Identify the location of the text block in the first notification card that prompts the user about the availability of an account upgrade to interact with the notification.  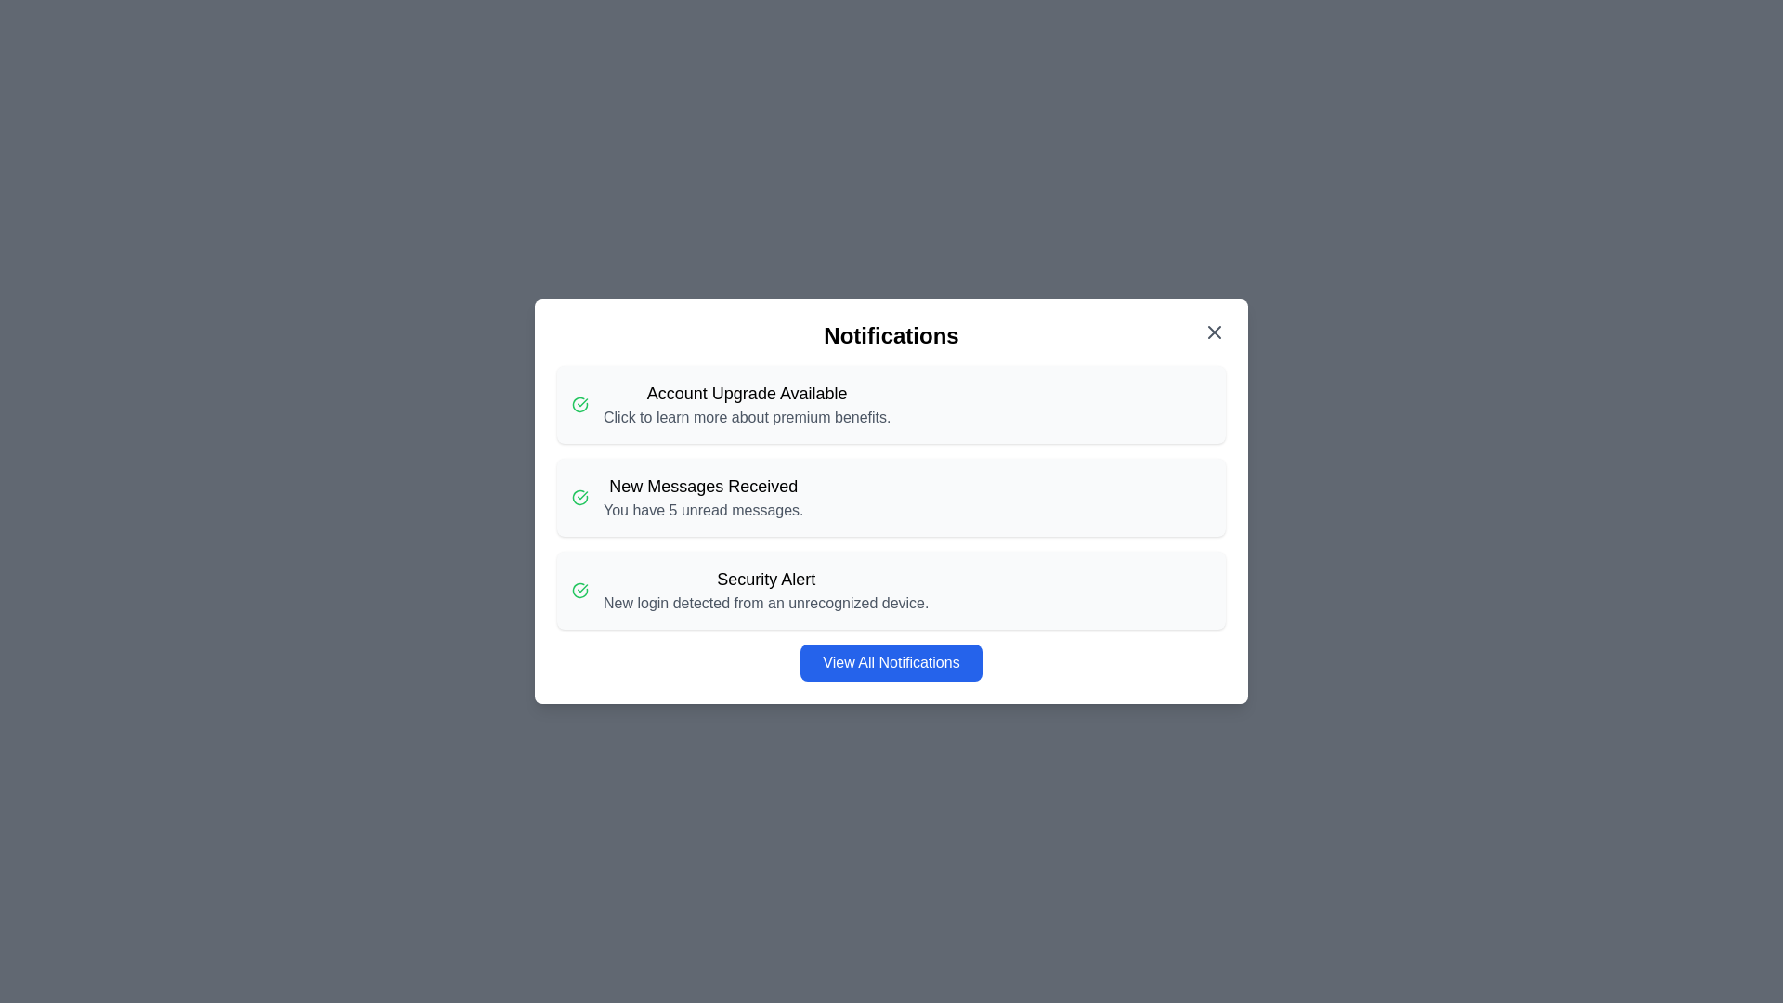
(747, 403).